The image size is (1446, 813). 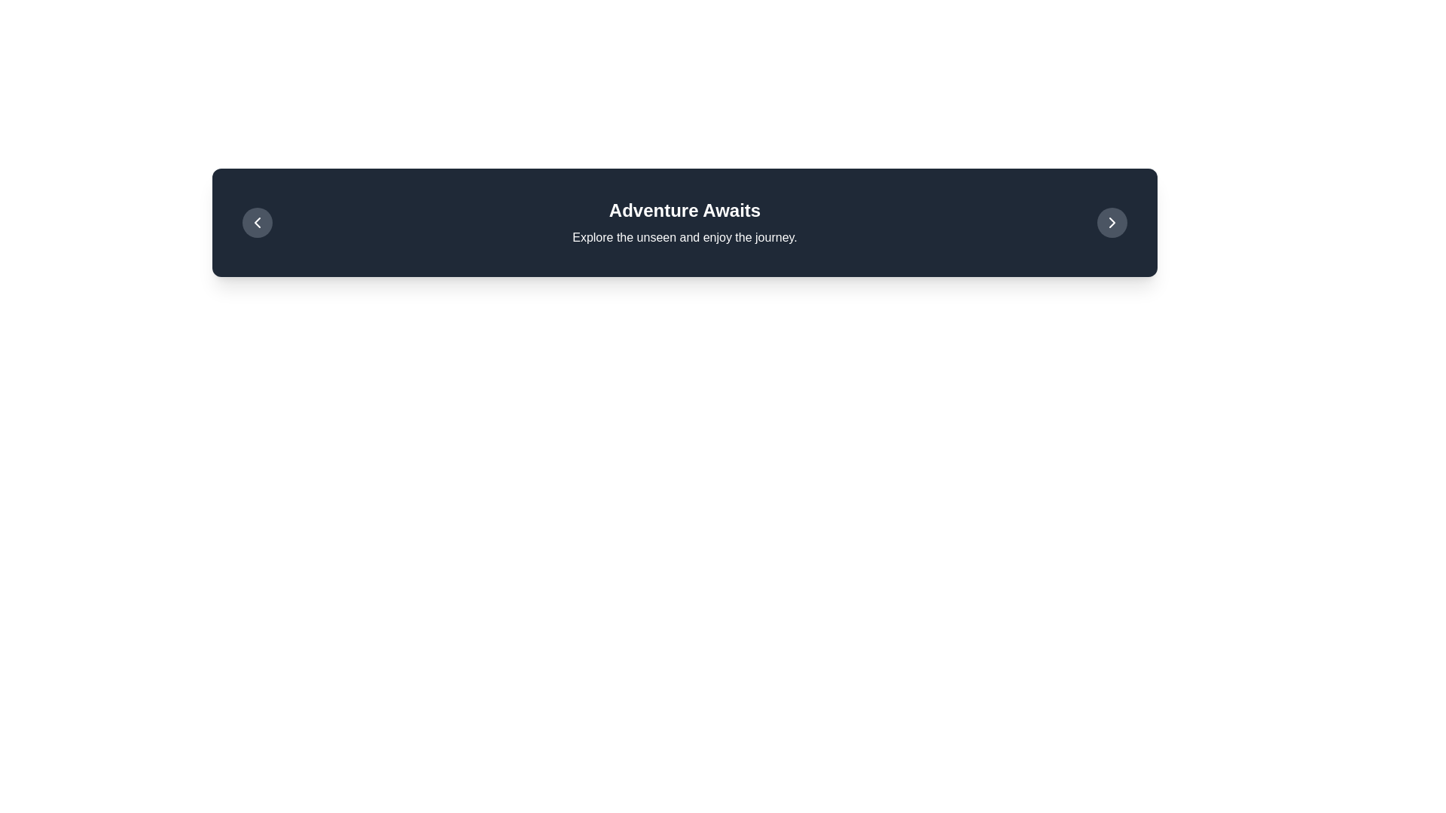 What do you see at coordinates (1112, 223) in the screenshot?
I see `the right-pointing chevron SVG icon located within a circular button on the right side of the header bar` at bounding box center [1112, 223].